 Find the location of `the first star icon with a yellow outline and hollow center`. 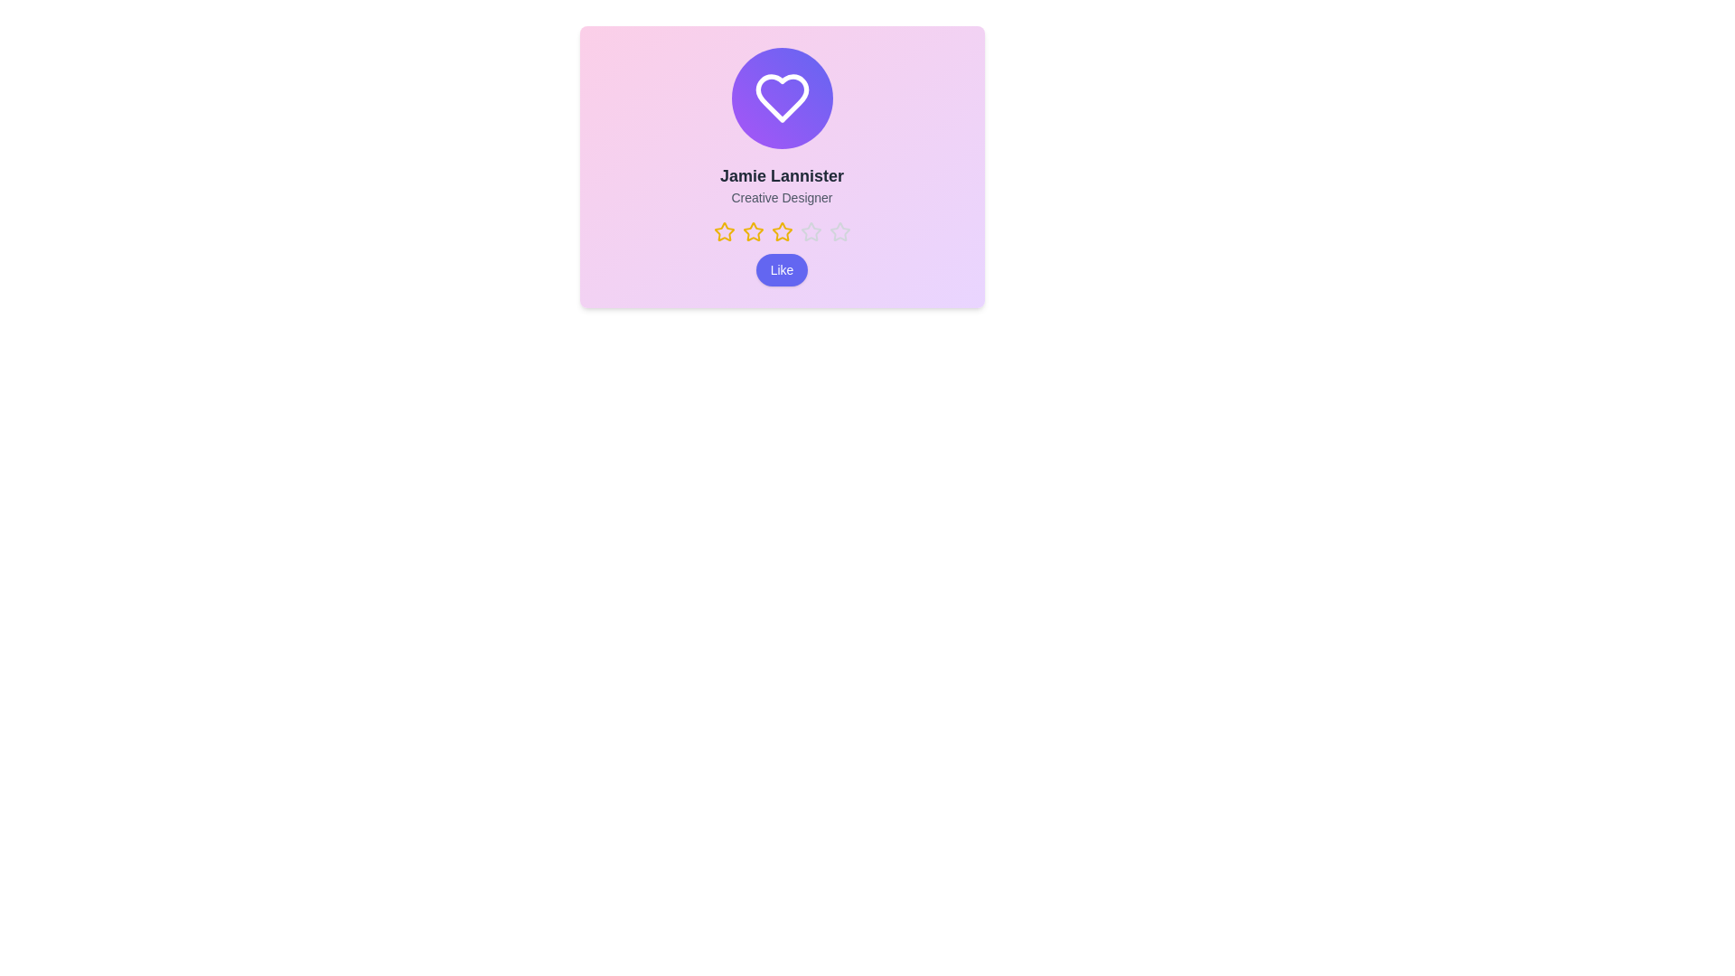

the first star icon with a yellow outline and hollow center is located at coordinates (724, 230).